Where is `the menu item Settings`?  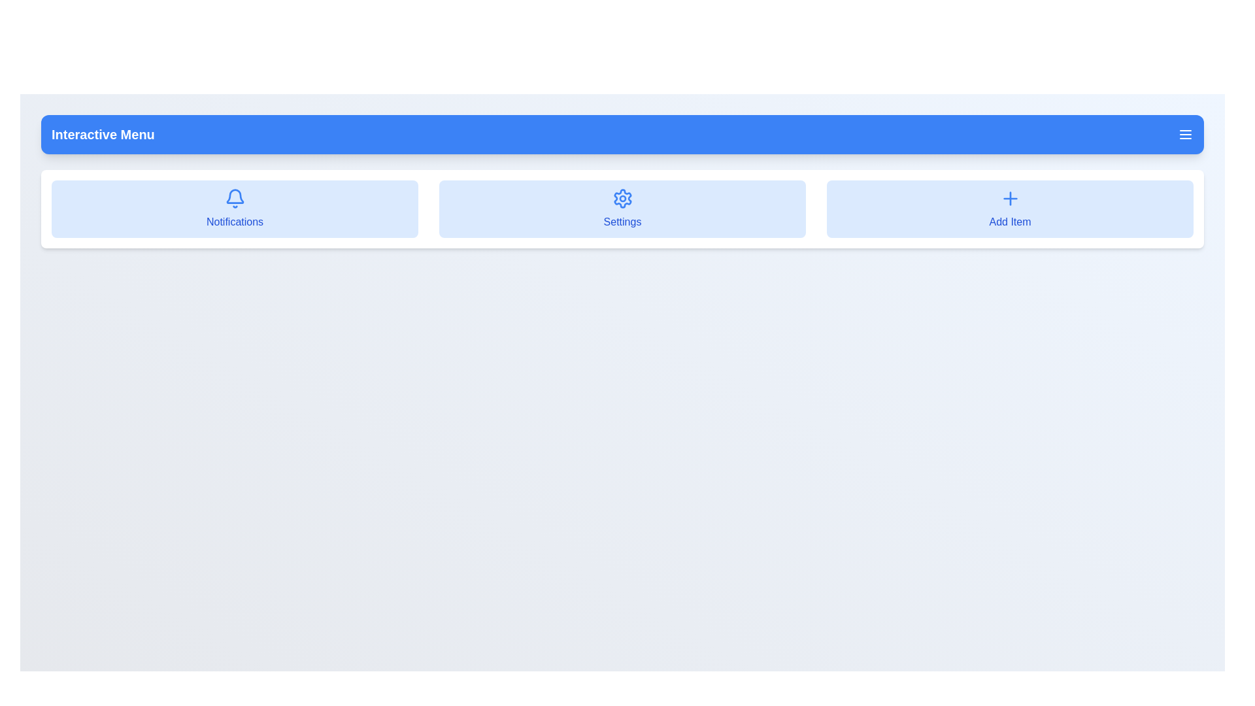 the menu item Settings is located at coordinates (622, 209).